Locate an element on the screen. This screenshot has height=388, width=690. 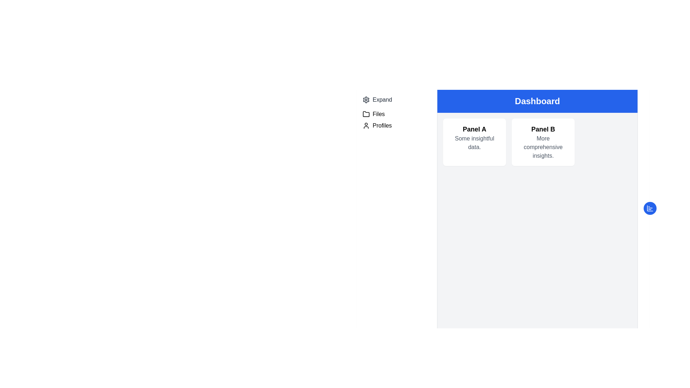
text content of 'Panel A', which is an informational card located in the upper section of the interface, center-right, as the first of two adjacent panels is located at coordinates (474, 142).